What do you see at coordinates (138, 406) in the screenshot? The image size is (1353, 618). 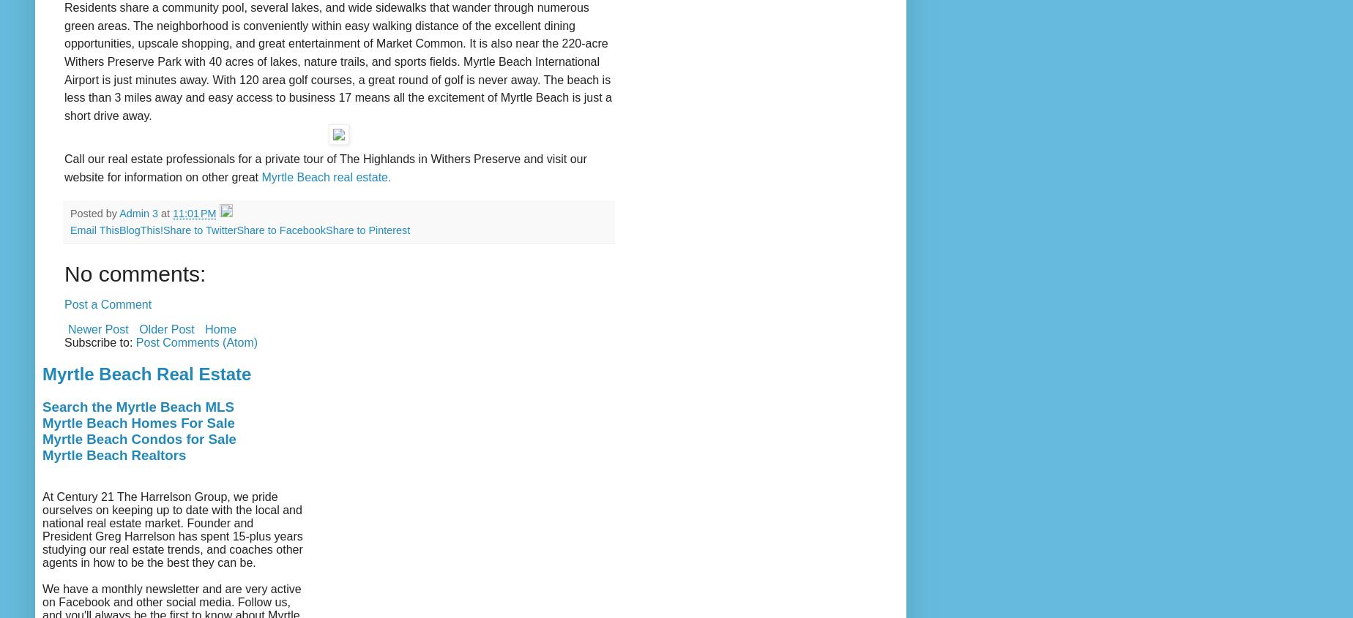 I see `'Search the Myrtle Beach MLS'` at bounding box center [138, 406].